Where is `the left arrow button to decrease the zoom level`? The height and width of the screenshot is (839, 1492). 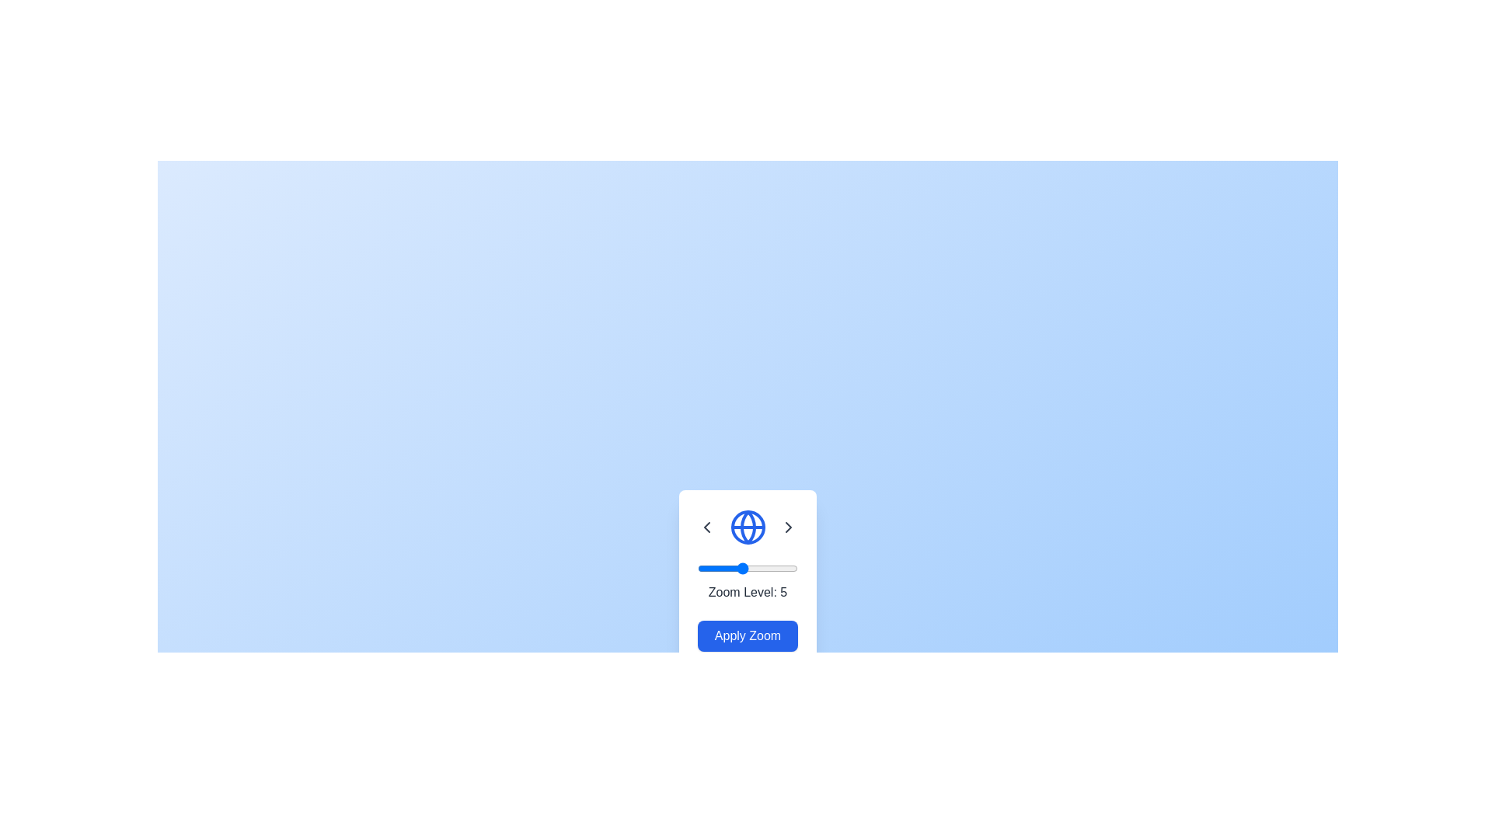
the left arrow button to decrease the zoom level is located at coordinates (706, 526).